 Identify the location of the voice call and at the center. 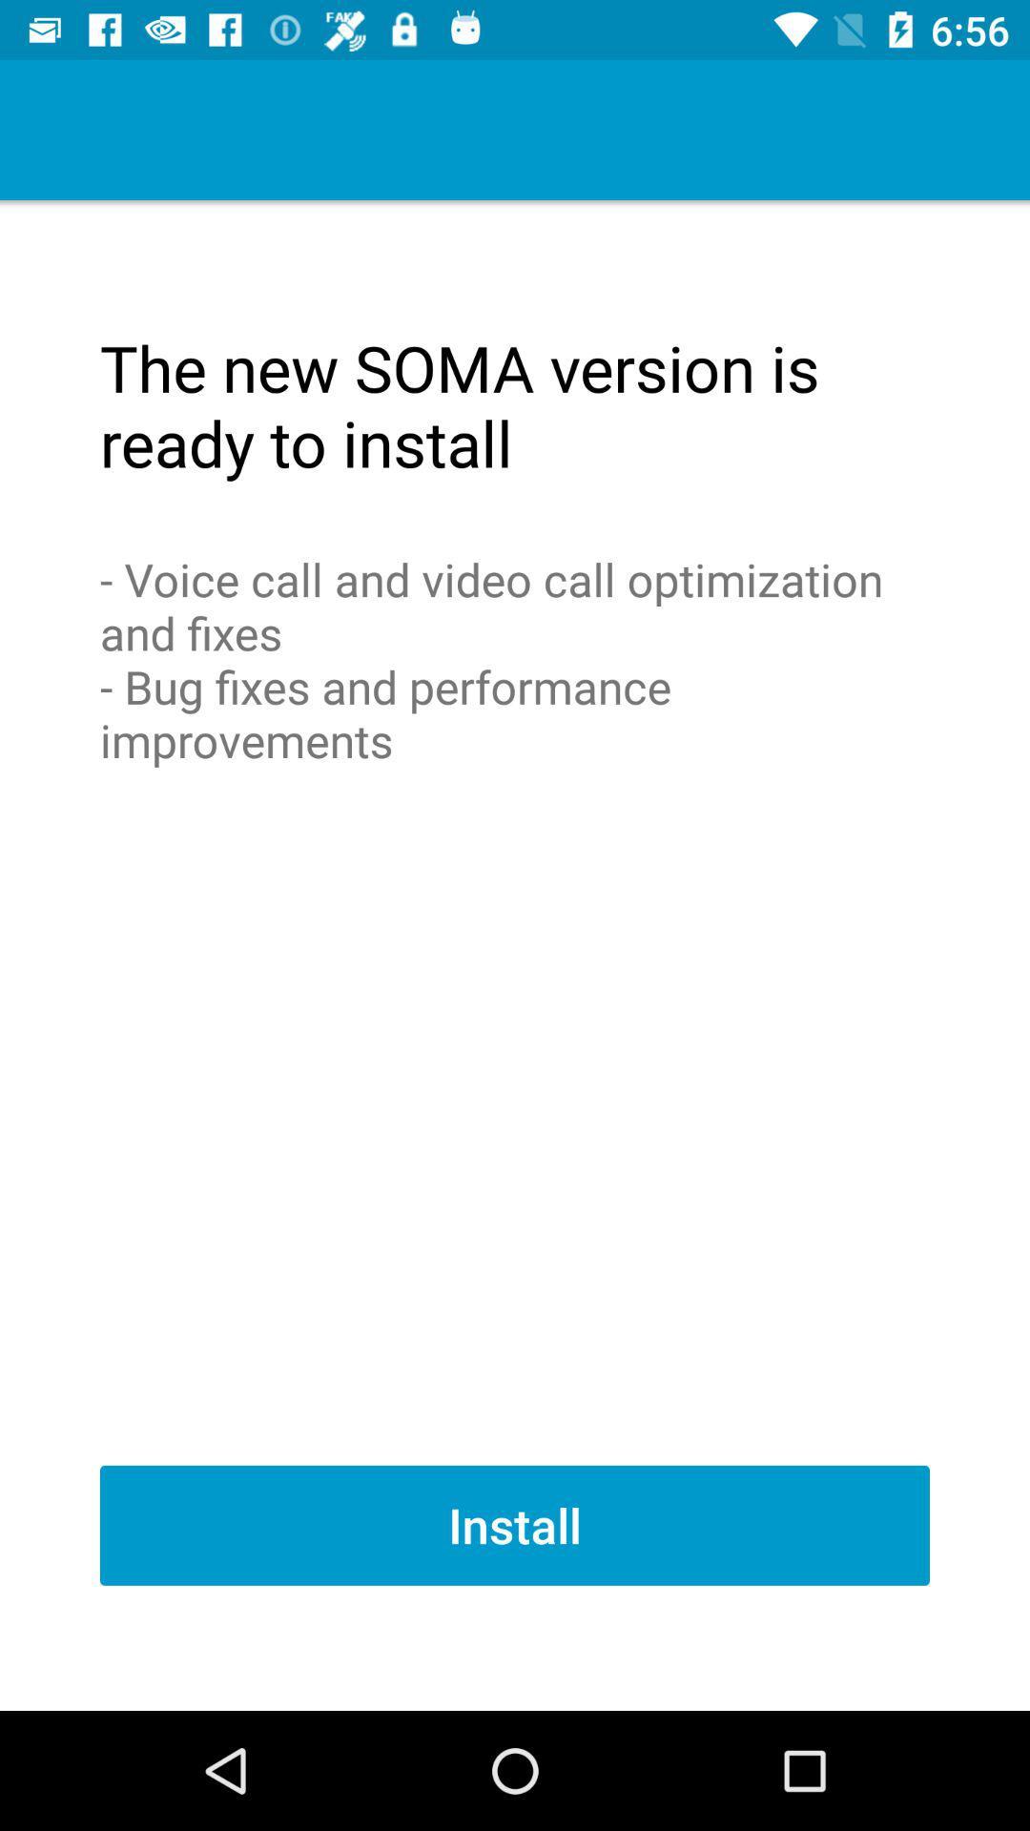
(515, 659).